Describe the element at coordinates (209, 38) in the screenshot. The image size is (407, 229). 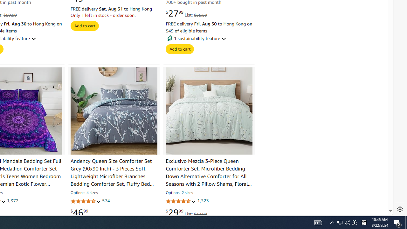
I see `' 1 sustainability feature'` at that location.